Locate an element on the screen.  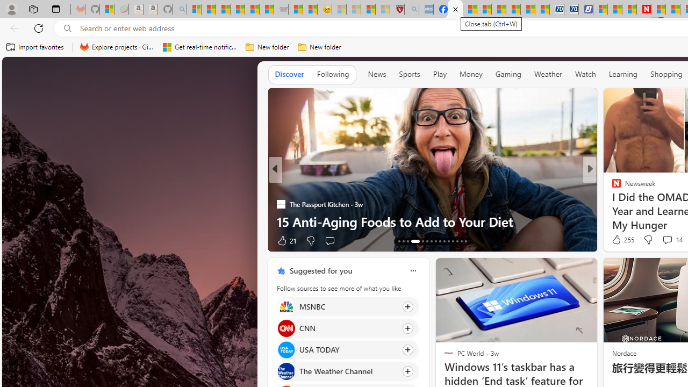
'AutomationID: tab-77' is located at coordinates (453, 240).